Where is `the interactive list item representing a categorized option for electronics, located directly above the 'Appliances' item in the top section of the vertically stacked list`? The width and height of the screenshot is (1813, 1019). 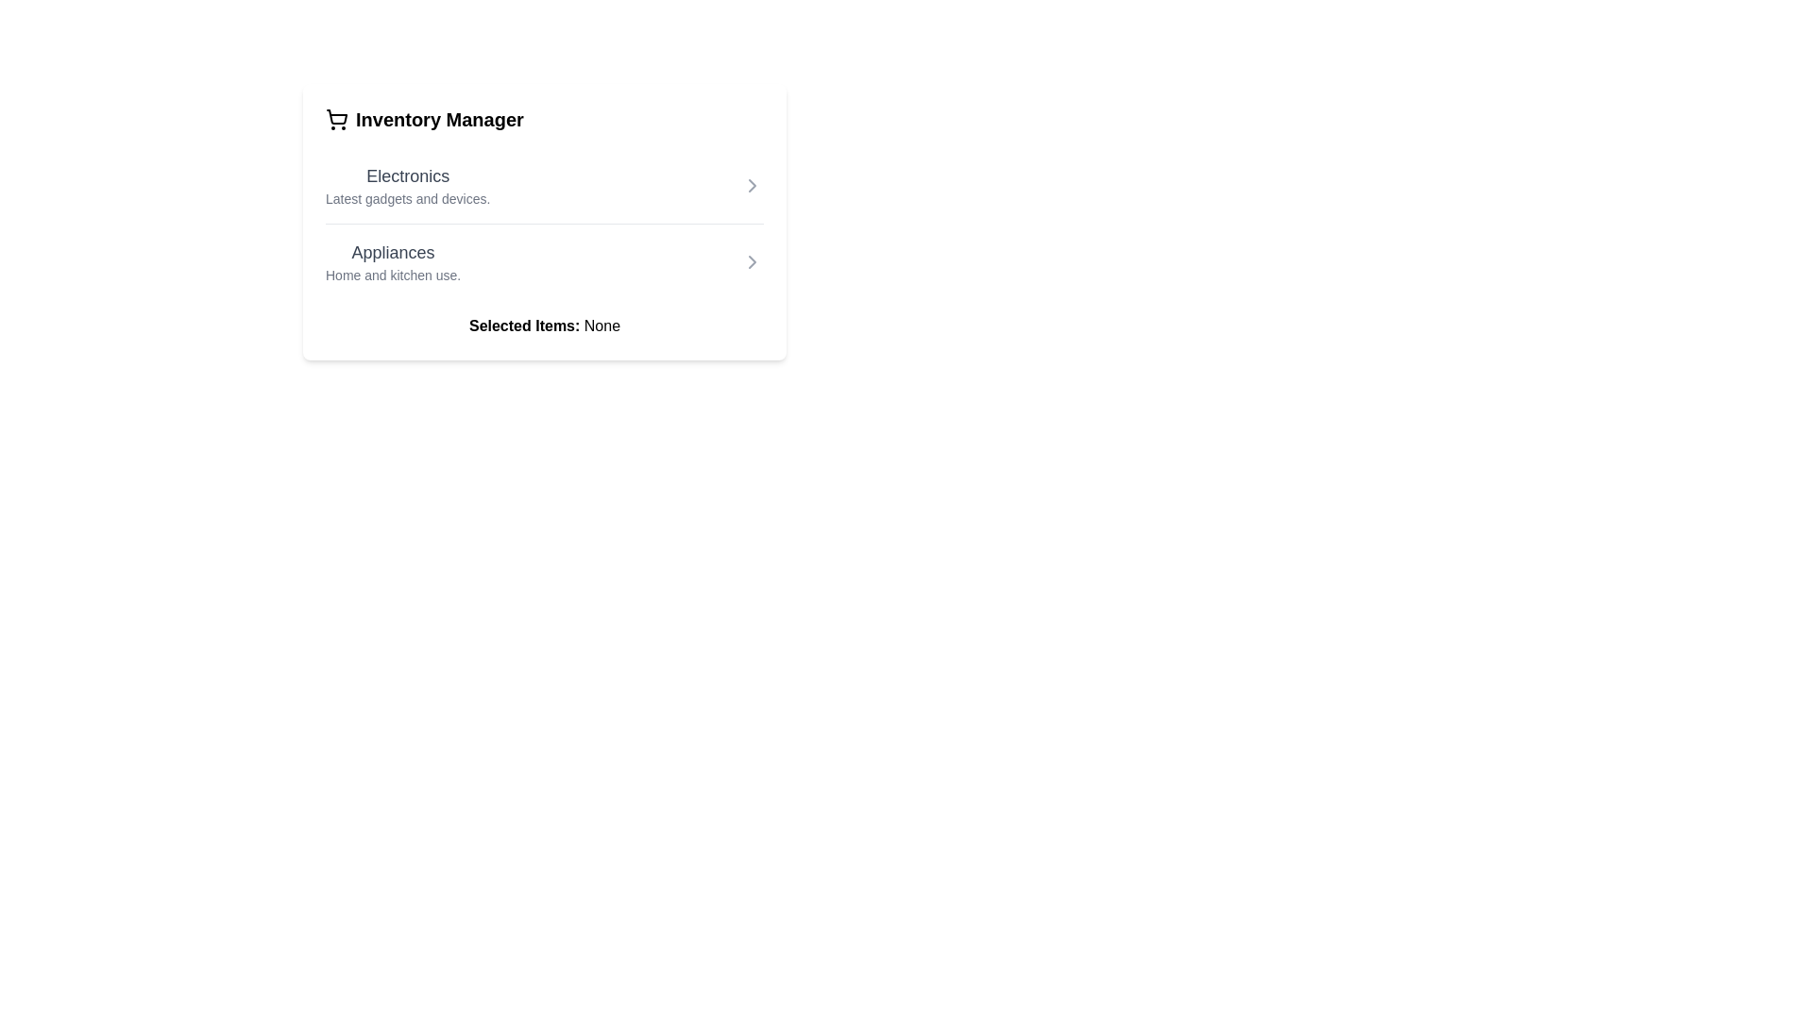
the interactive list item representing a categorized option for electronics, located directly above the 'Appliances' item in the top section of the vertically stacked list is located at coordinates (543, 185).